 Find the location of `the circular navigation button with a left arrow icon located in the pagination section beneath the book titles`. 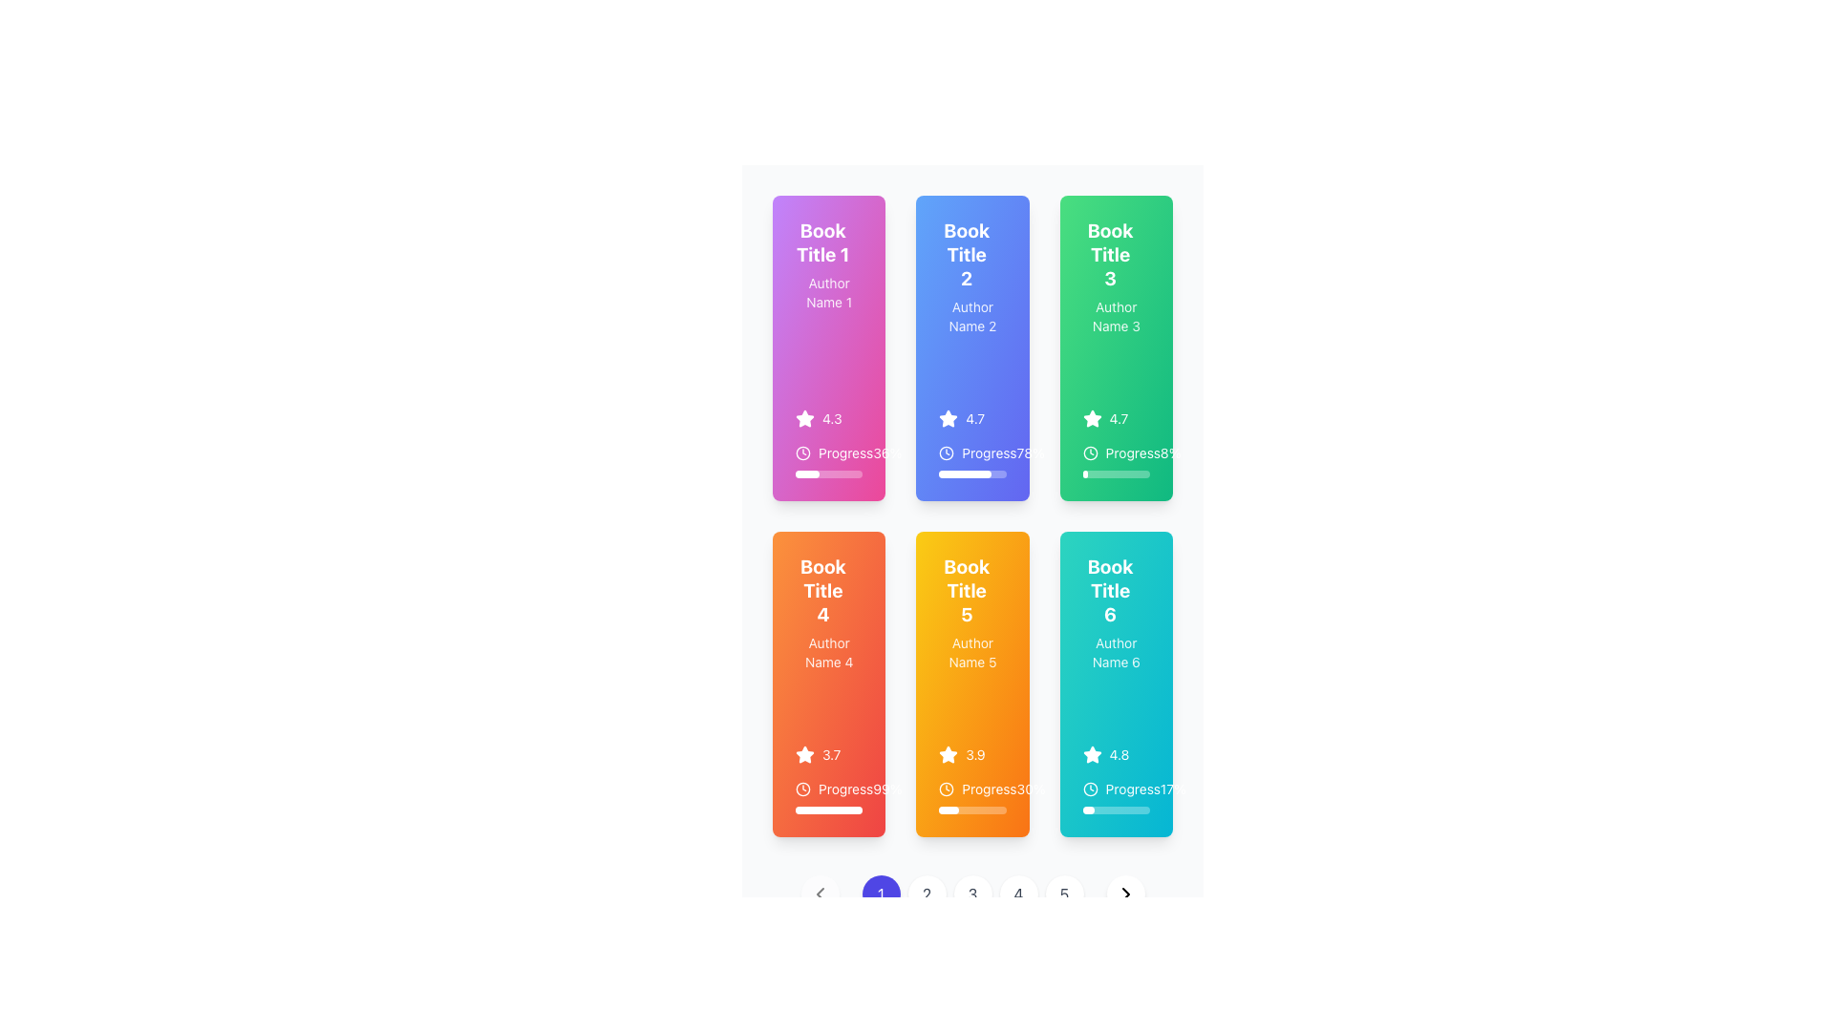

the circular navigation button with a left arrow icon located in the pagination section beneath the book titles is located at coordinates (820, 894).